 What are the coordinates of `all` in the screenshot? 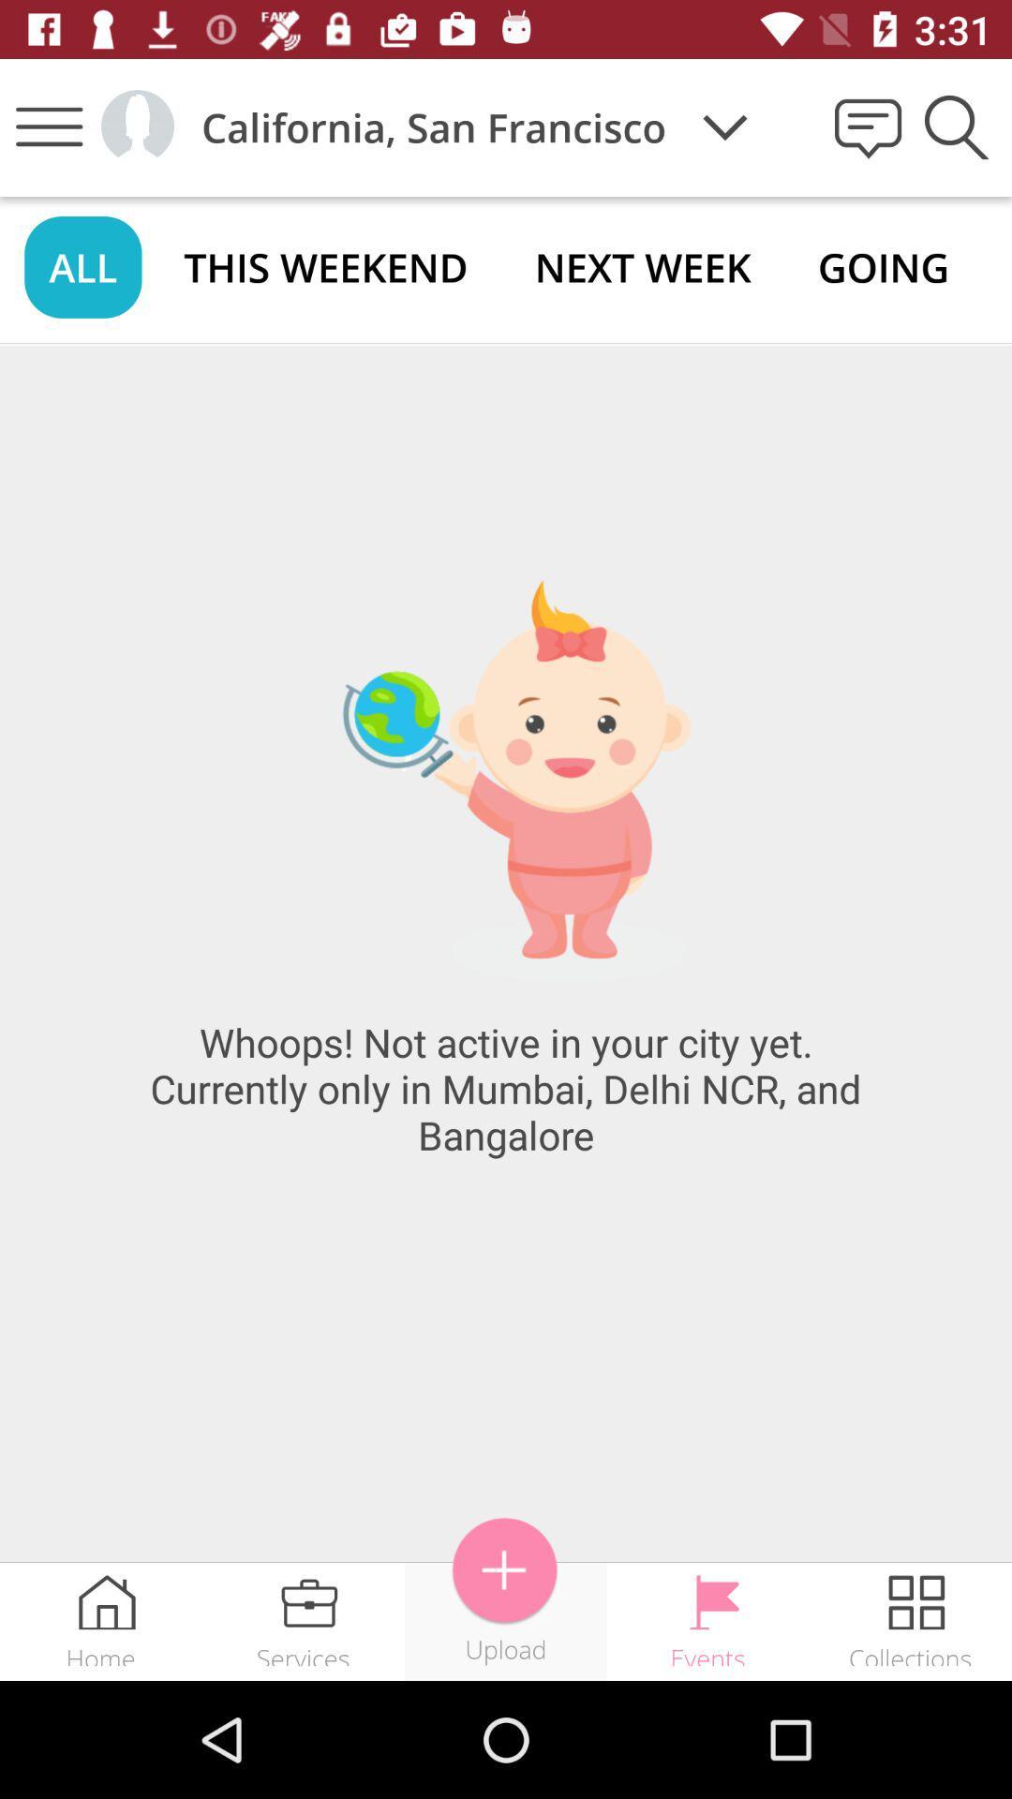 It's located at (82, 266).